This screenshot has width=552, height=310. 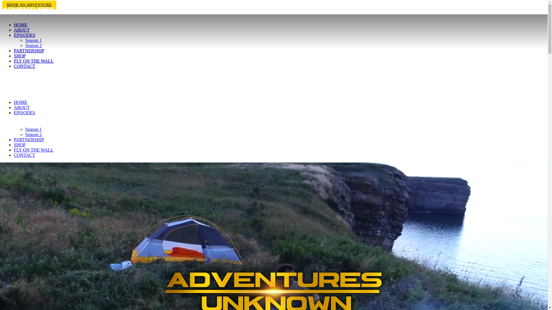 What do you see at coordinates (24, 35) in the screenshot?
I see `'EPISODES'` at bounding box center [24, 35].